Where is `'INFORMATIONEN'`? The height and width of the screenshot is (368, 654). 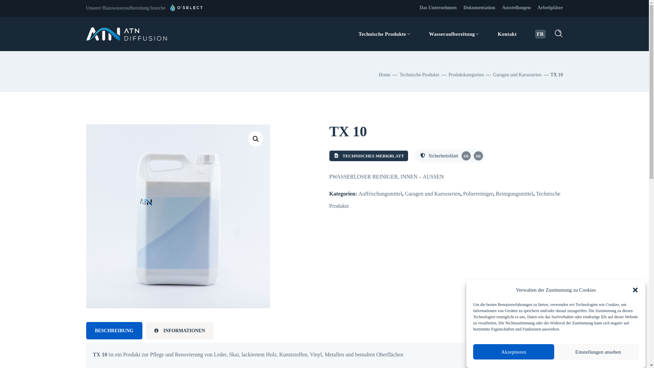 'INFORMATIONEN' is located at coordinates (180, 330).